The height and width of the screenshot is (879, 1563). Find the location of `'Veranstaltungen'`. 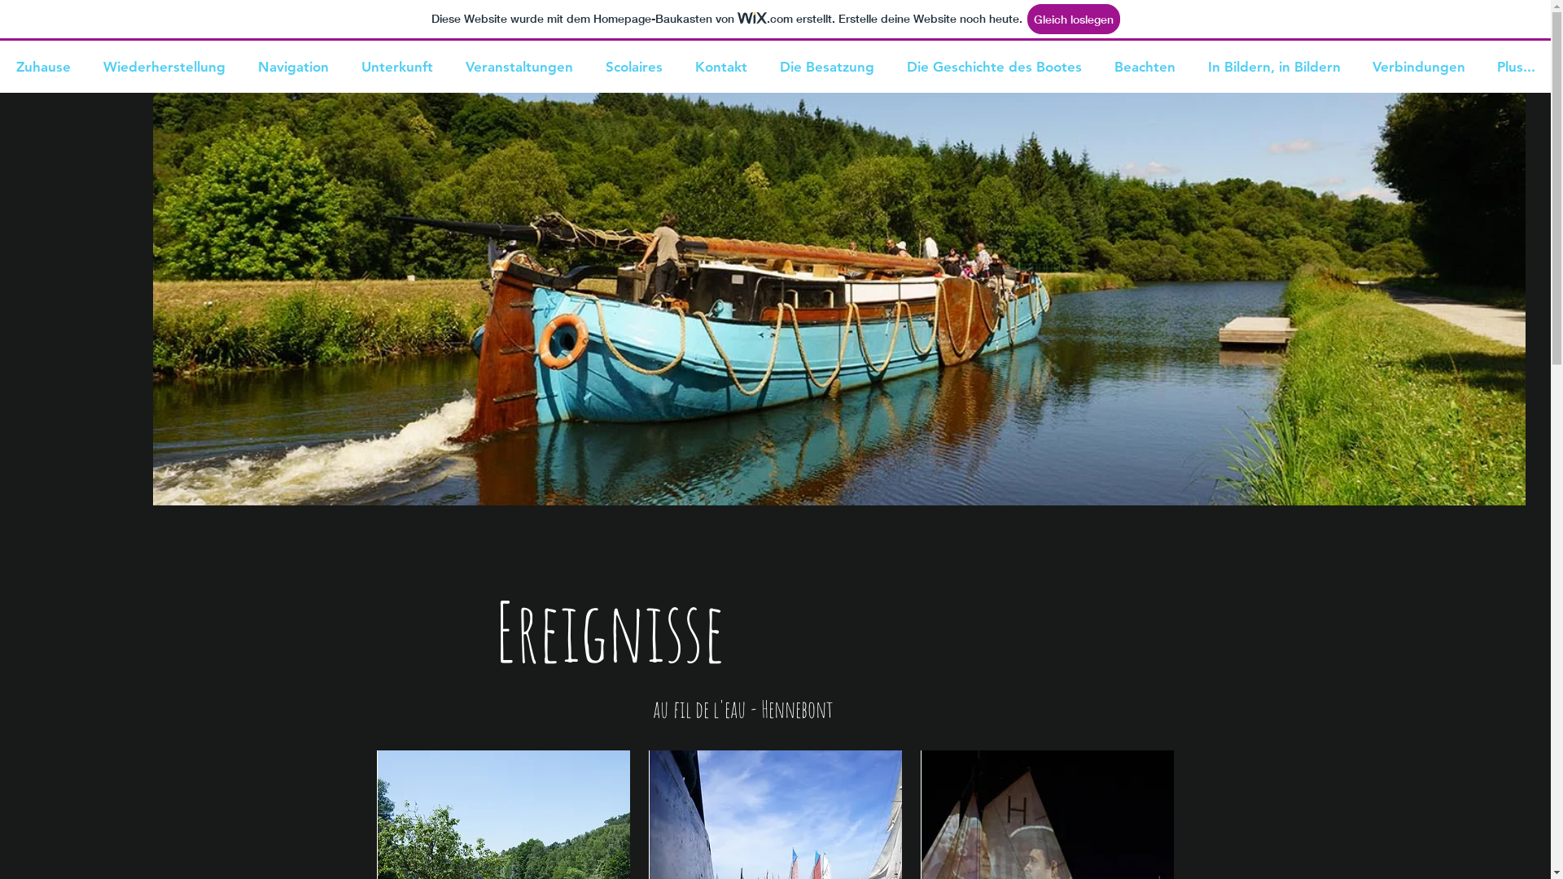

'Veranstaltungen' is located at coordinates (449, 65).